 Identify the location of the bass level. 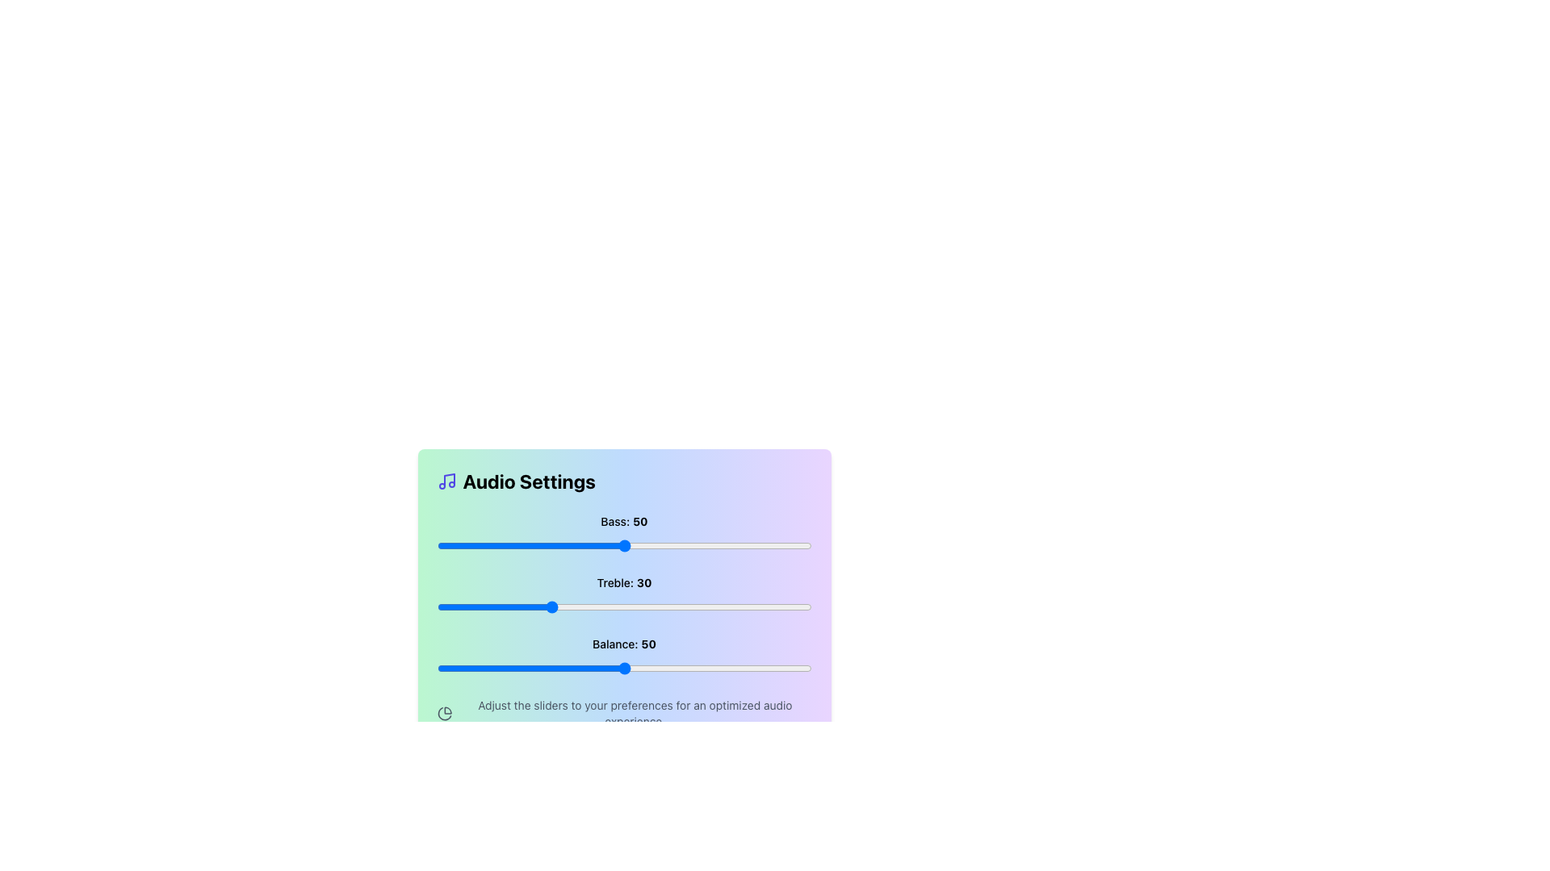
(511, 545).